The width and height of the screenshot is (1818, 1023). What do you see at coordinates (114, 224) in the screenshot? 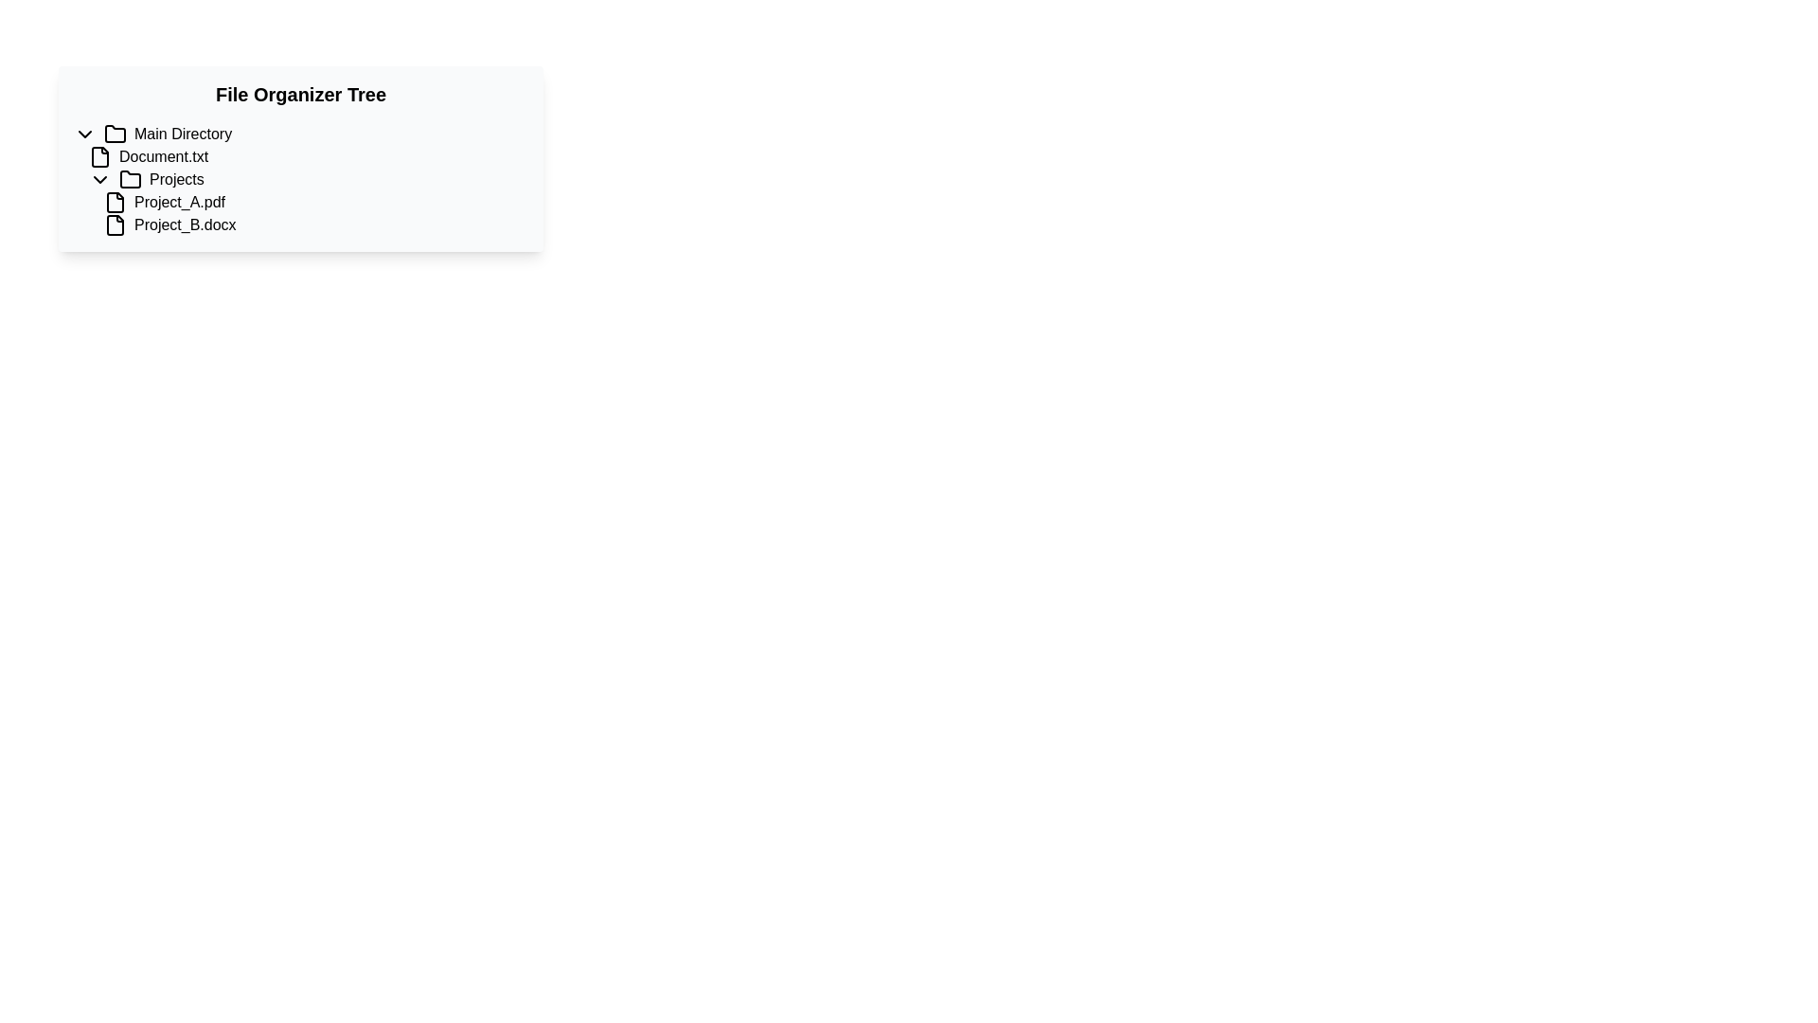
I see `small file icon styled as a document sheet with a folded corner, located to the left of the text 'Project_B.docx'` at bounding box center [114, 224].